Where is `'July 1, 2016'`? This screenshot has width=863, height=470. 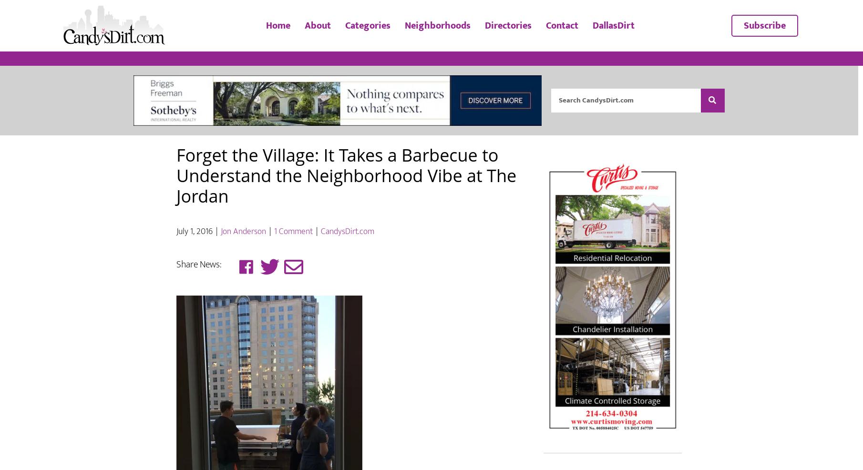 'July 1, 2016' is located at coordinates (176, 258).